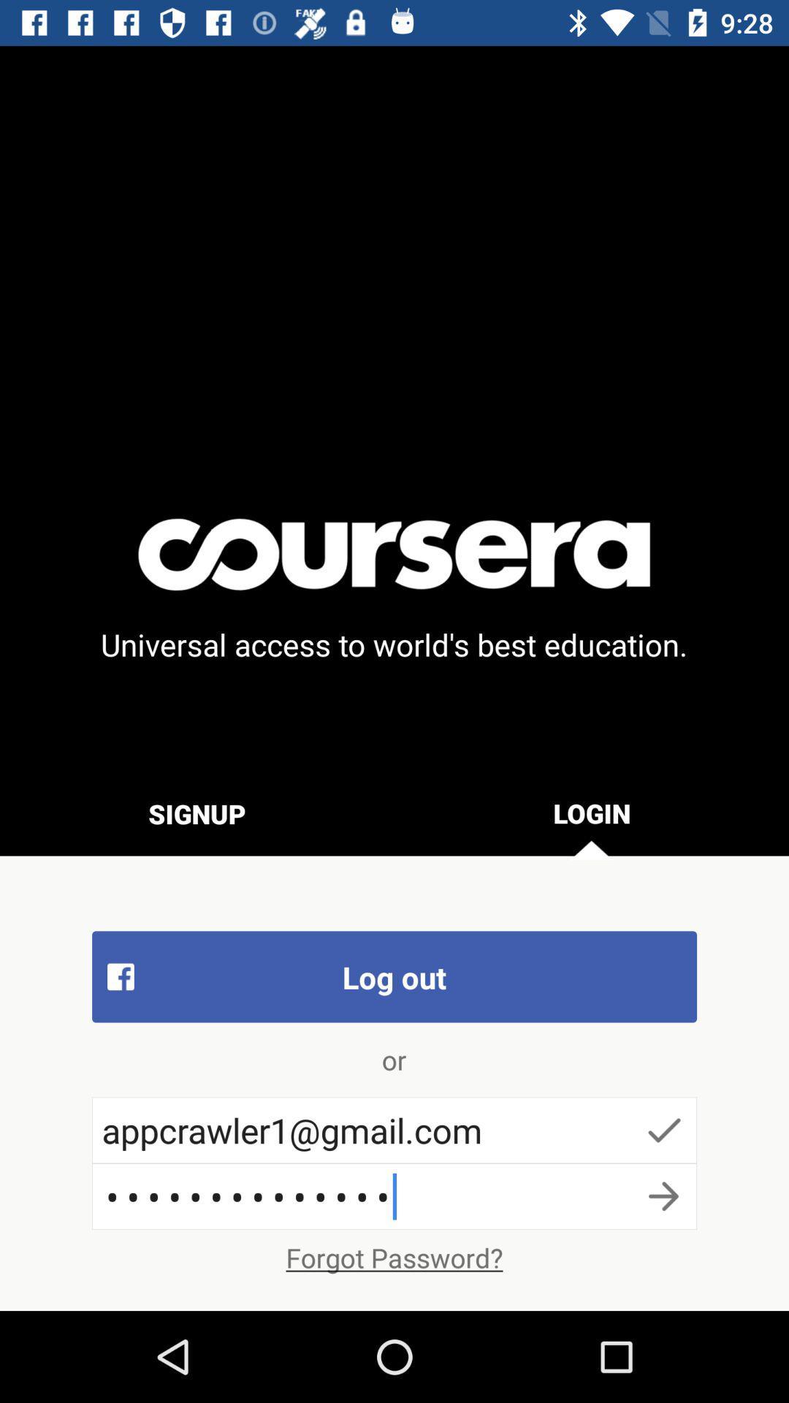 Image resolution: width=789 pixels, height=1403 pixels. I want to click on log out, so click(394, 976).